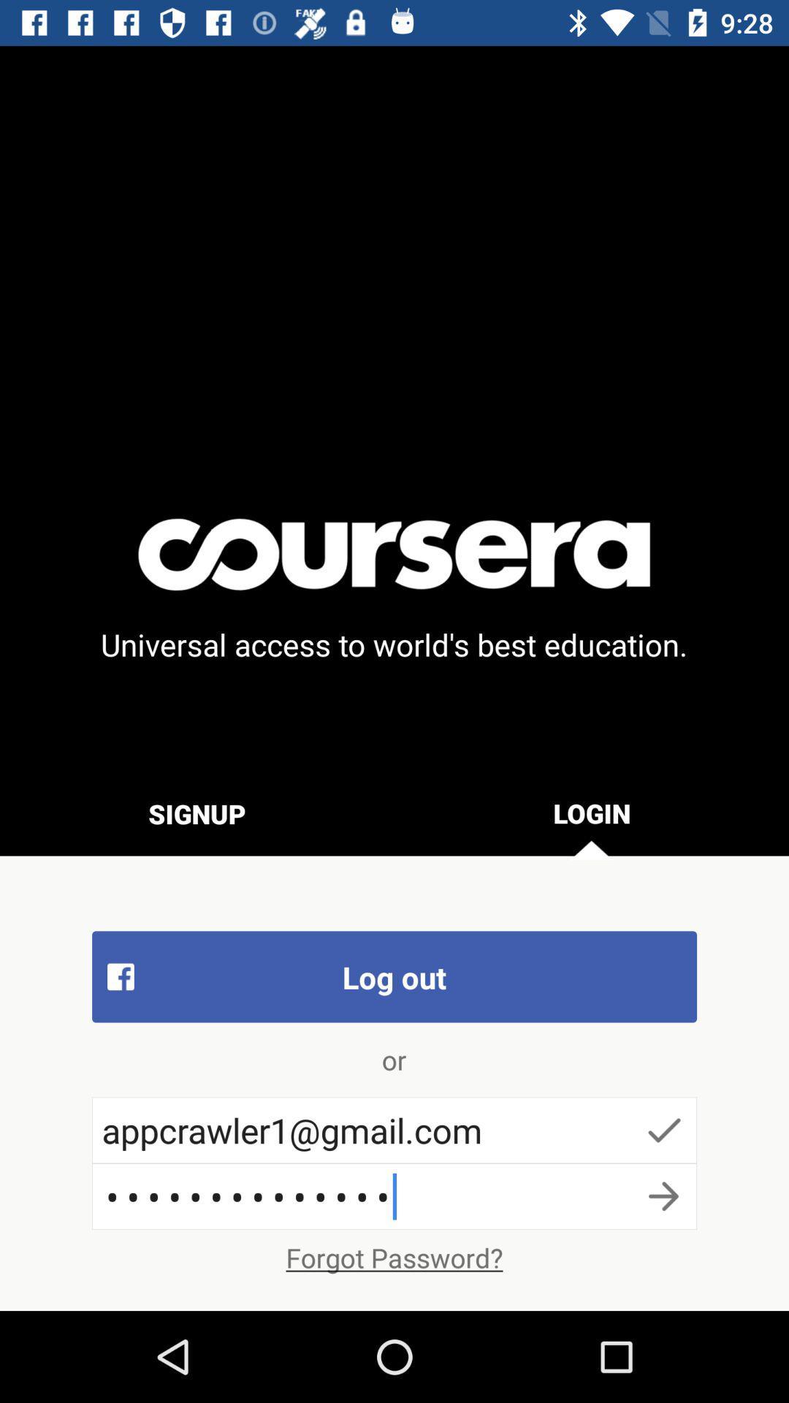 Image resolution: width=789 pixels, height=1403 pixels. I want to click on log out, so click(394, 976).